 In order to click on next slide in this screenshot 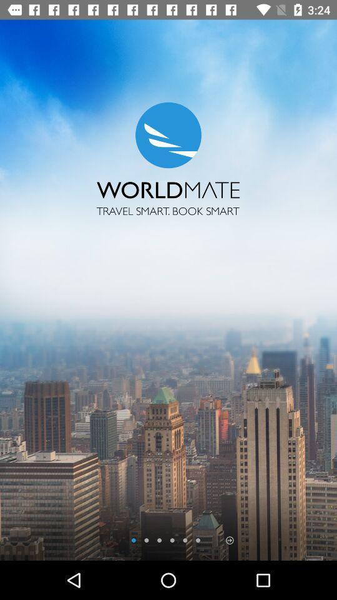, I will do `click(229, 539)`.